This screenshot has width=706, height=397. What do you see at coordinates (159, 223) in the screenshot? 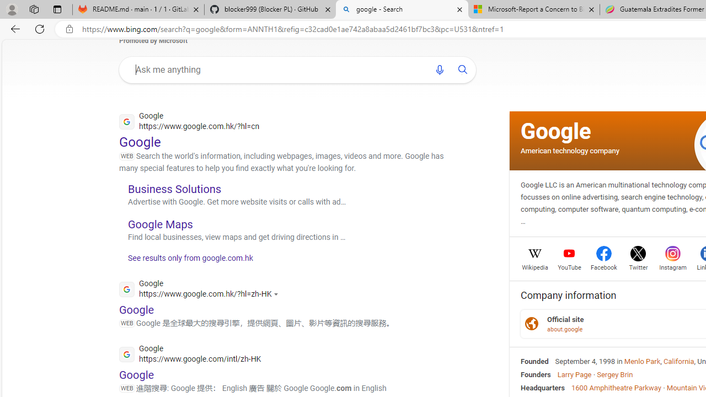
I see `'Google Maps'` at bounding box center [159, 223].